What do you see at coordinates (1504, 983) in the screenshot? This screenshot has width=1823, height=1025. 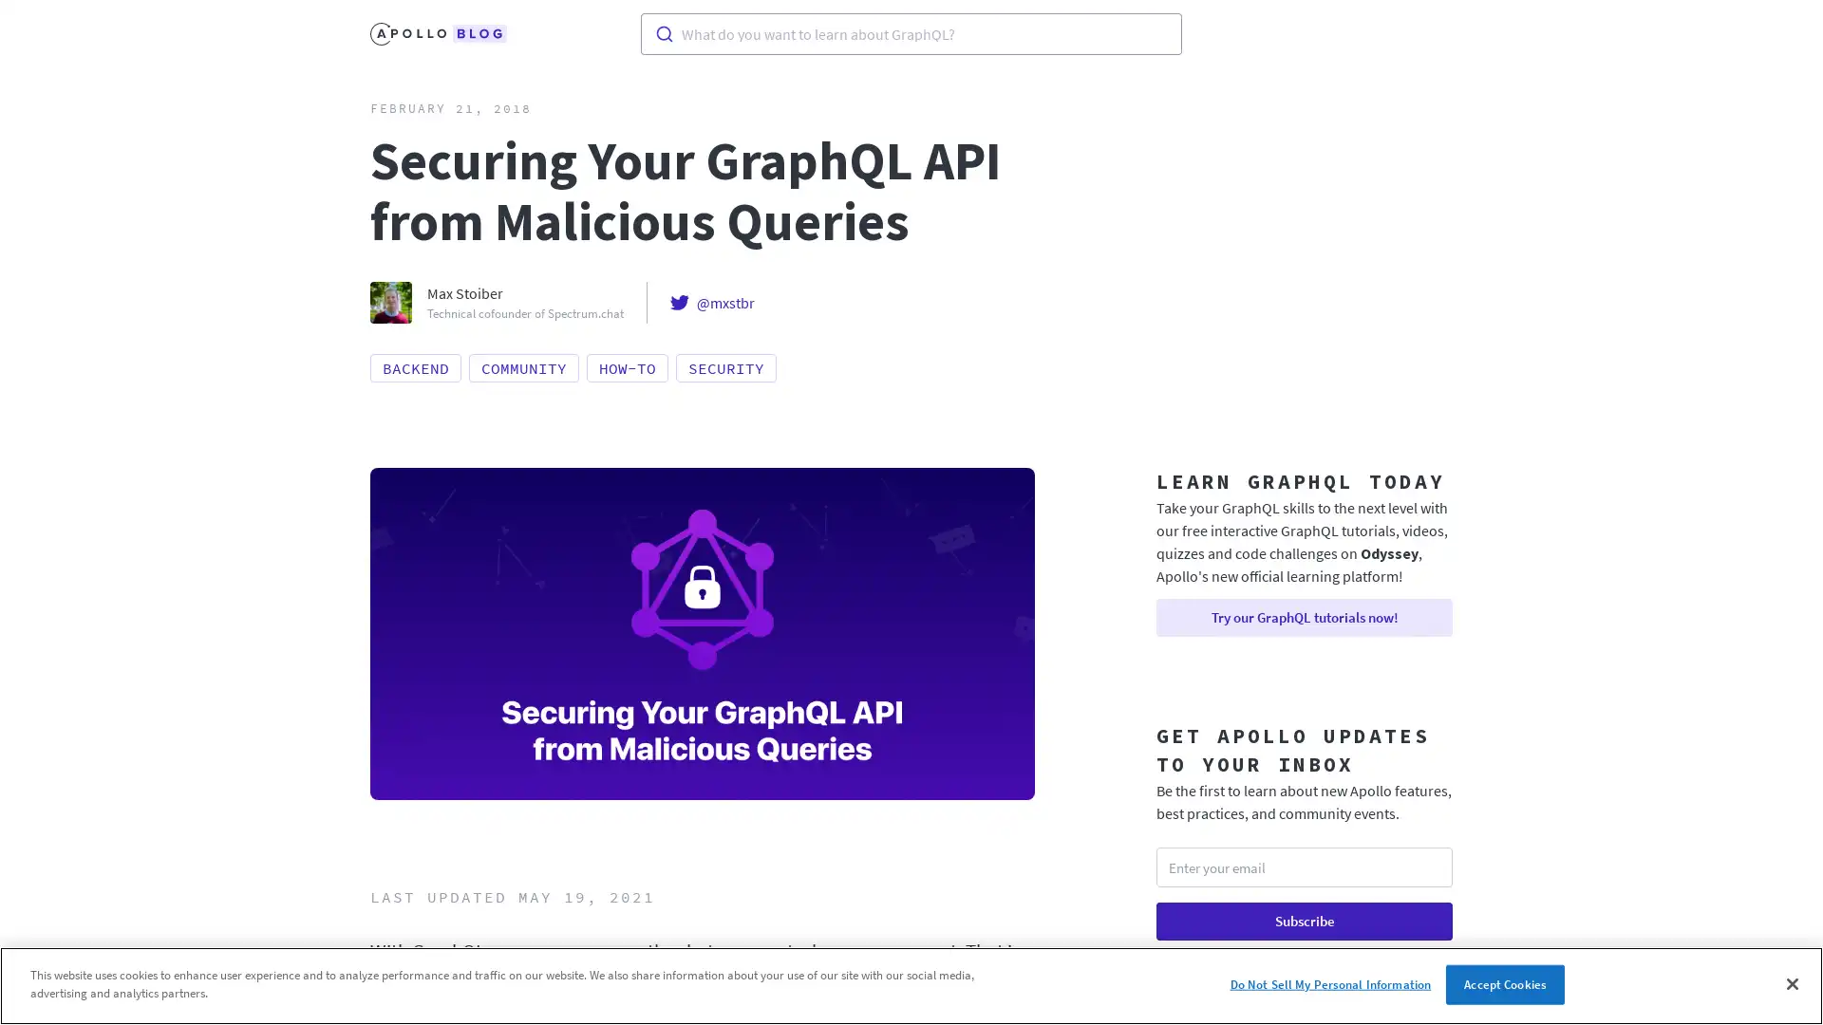 I see `Accept Cookies` at bounding box center [1504, 983].